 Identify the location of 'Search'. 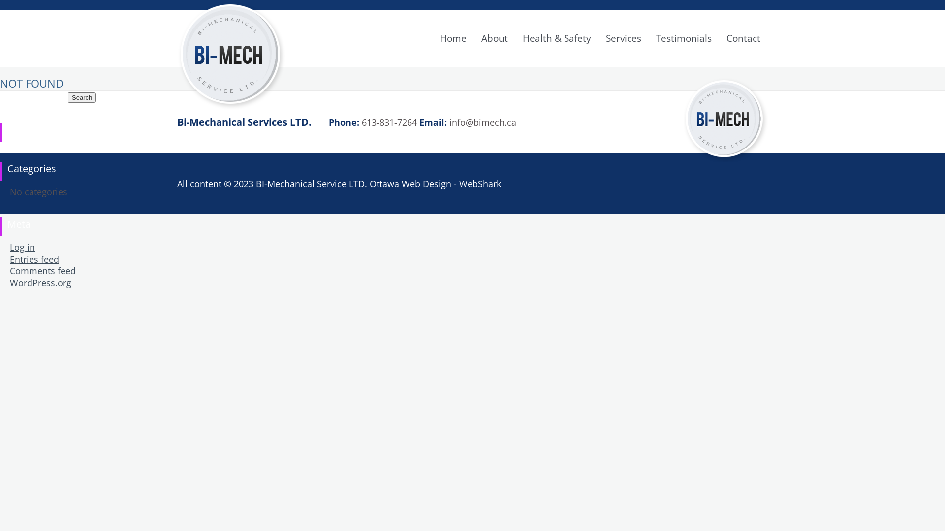
(82, 97).